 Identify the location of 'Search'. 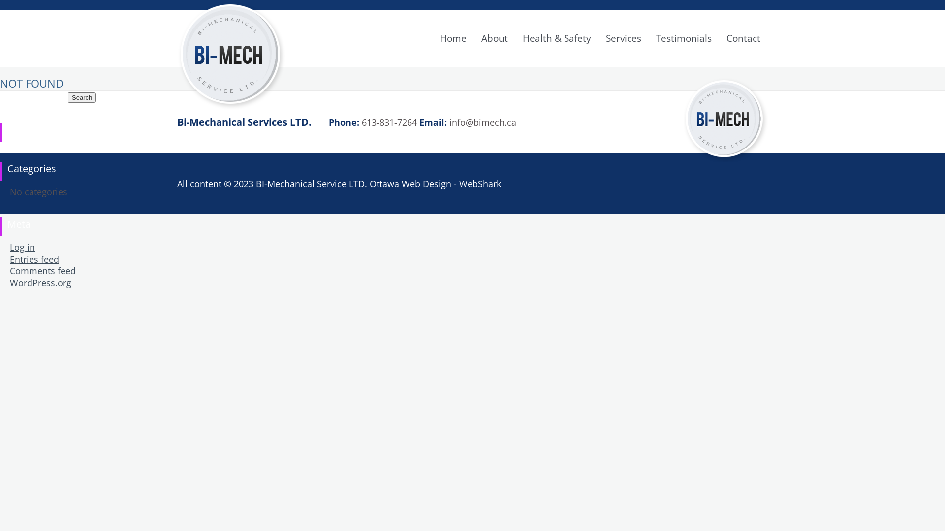
(82, 97).